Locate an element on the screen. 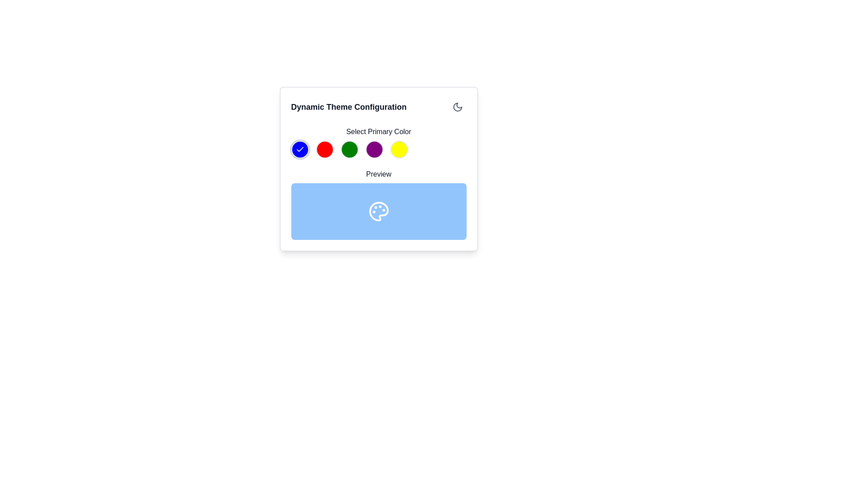 Image resolution: width=850 pixels, height=478 pixels. the red color selection button positioned second in a row of buttons, located just below the 'Select Primary Color' label is located at coordinates (324, 149).